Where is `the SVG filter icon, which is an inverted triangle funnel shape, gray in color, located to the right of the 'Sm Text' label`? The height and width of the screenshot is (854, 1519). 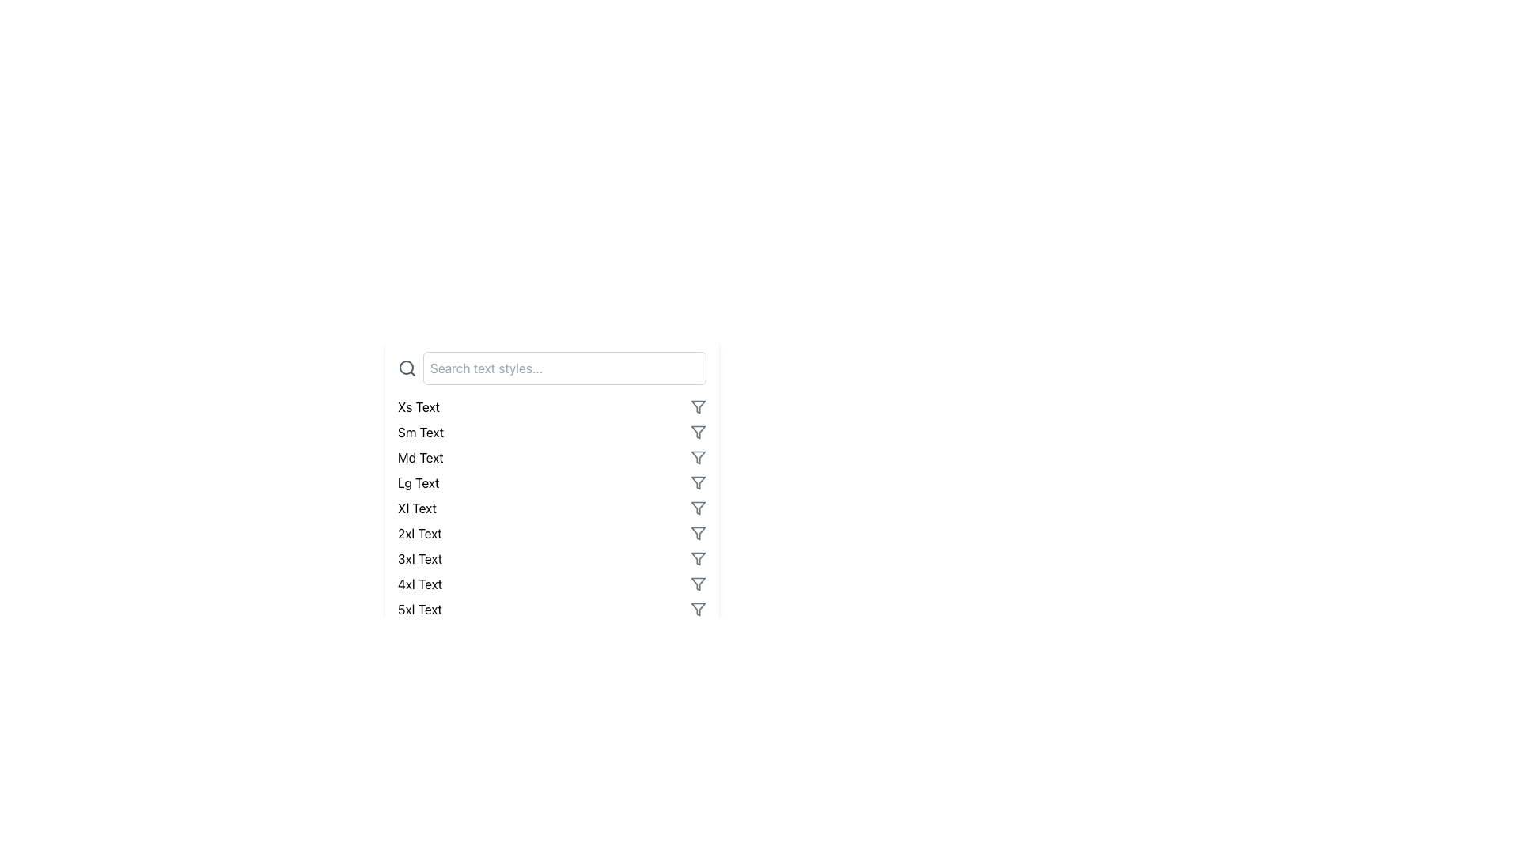 the SVG filter icon, which is an inverted triangle funnel shape, gray in color, located to the right of the 'Sm Text' label is located at coordinates (698, 433).